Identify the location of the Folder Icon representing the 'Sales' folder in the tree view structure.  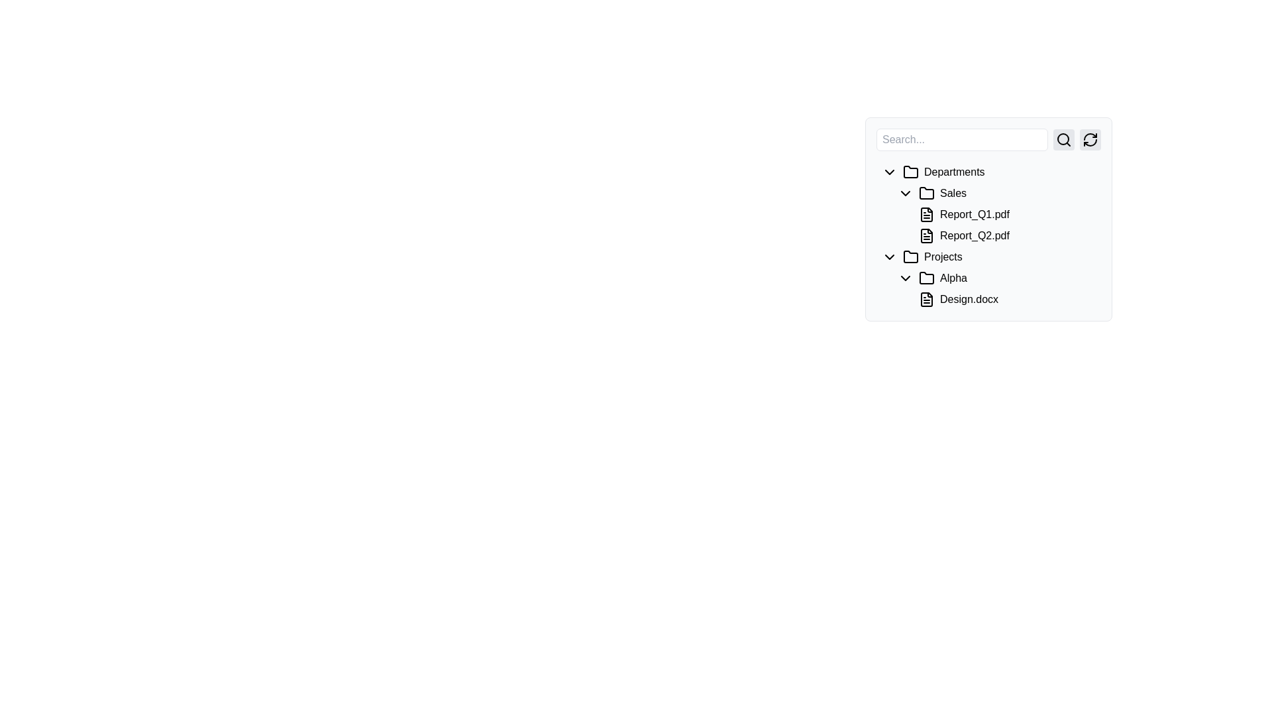
(926, 192).